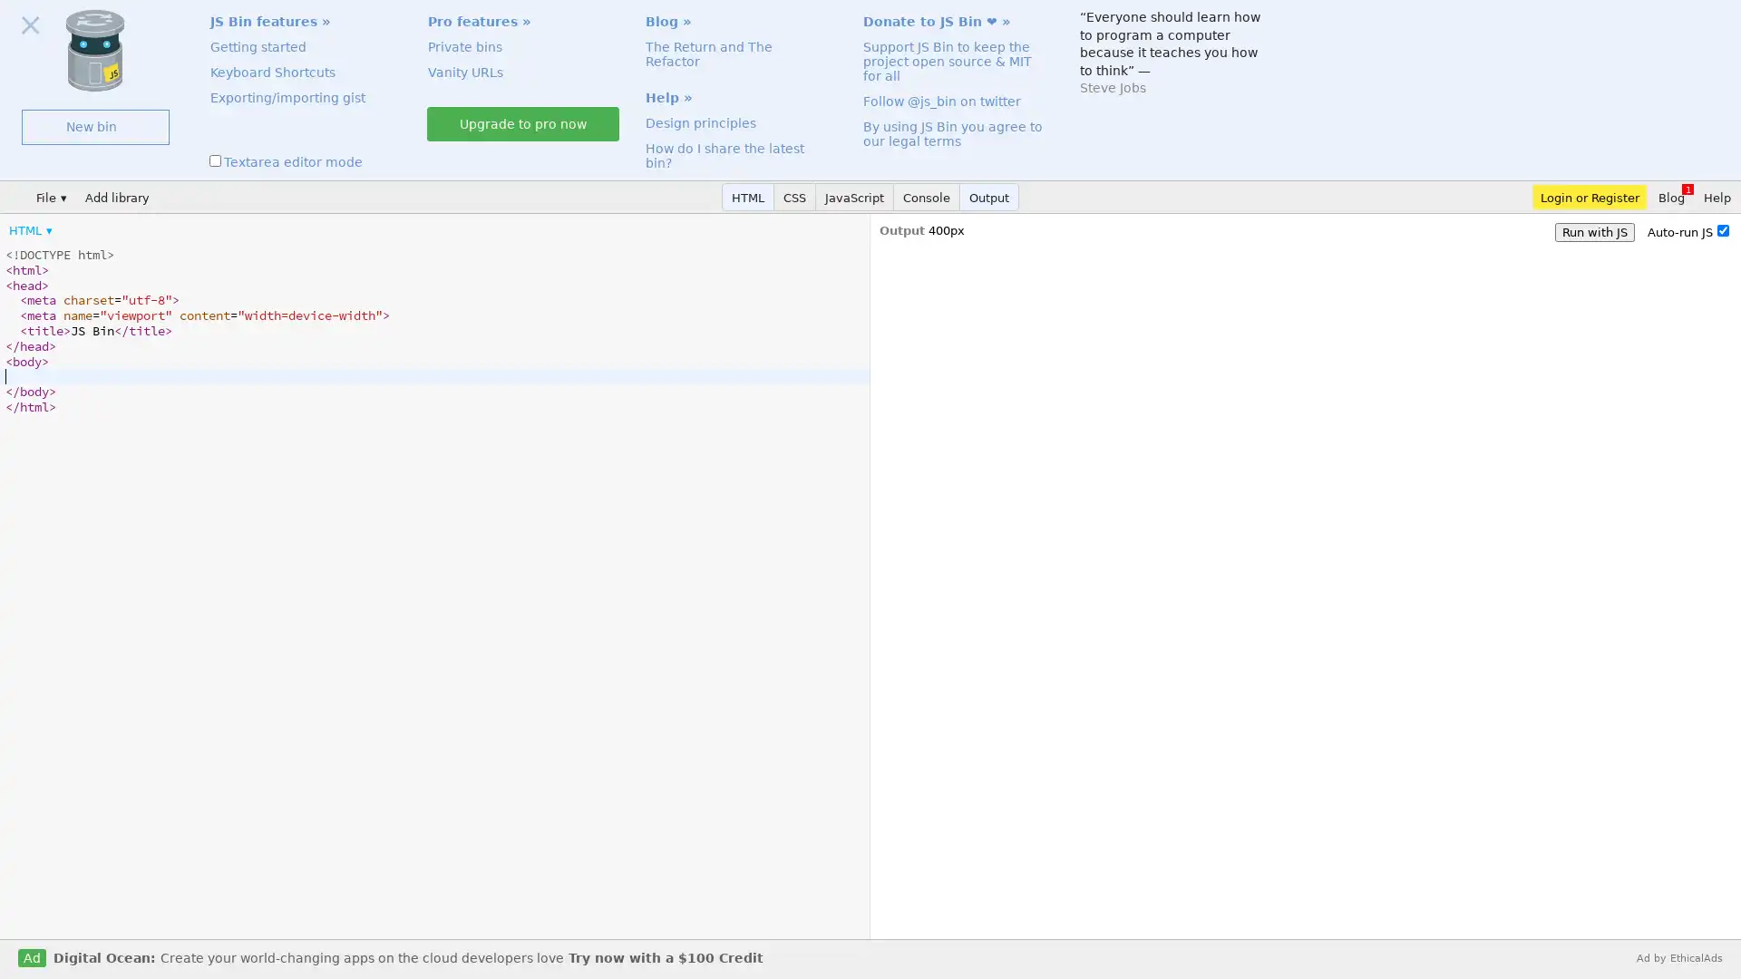 The image size is (1741, 979). What do you see at coordinates (1593, 231) in the screenshot?
I see `Run with JS` at bounding box center [1593, 231].